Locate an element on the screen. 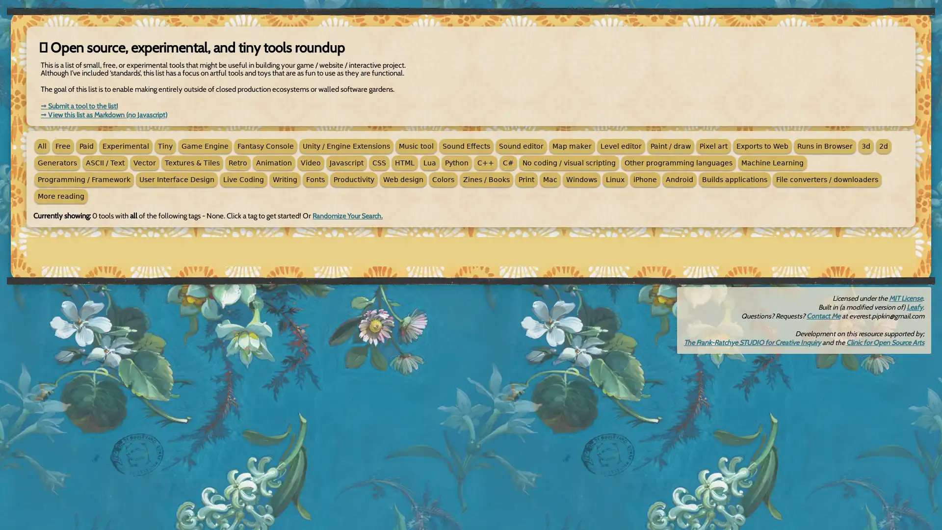 The width and height of the screenshot is (942, 530). Exports to Web is located at coordinates (762, 146).